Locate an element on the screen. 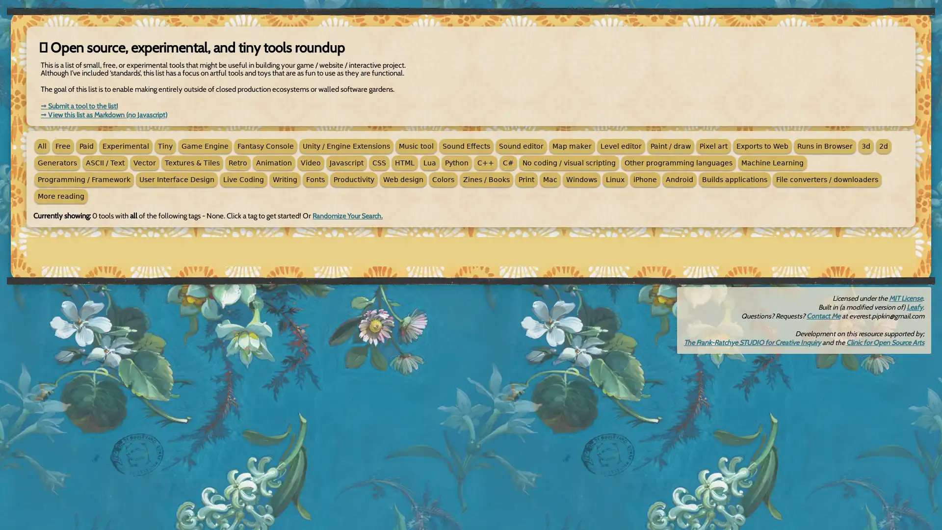 The width and height of the screenshot is (942, 530). Exports to Web is located at coordinates (762, 146).